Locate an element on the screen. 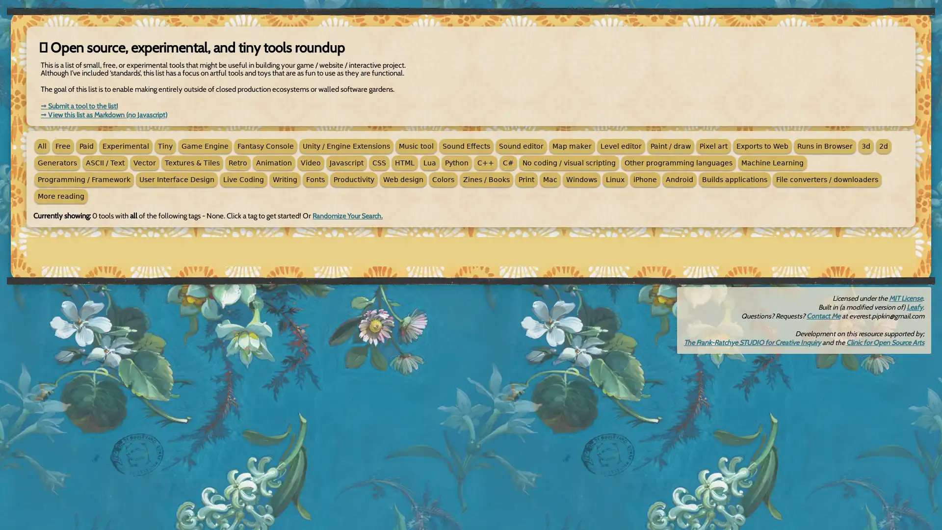 The width and height of the screenshot is (942, 530). Exports to Web is located at coordinates (762, 146).